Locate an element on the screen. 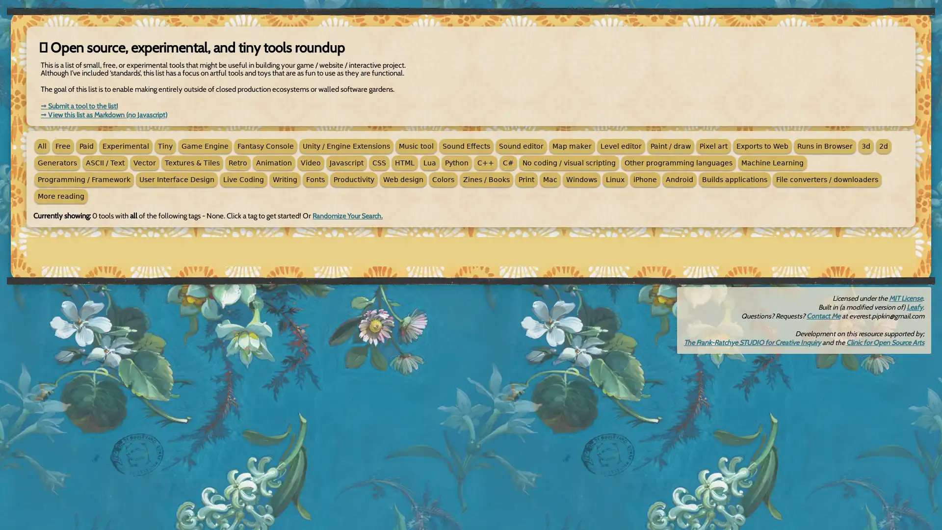 The width and height of the screenshot is (942, 530). Exports to Web is located at coordinates (762, 146).